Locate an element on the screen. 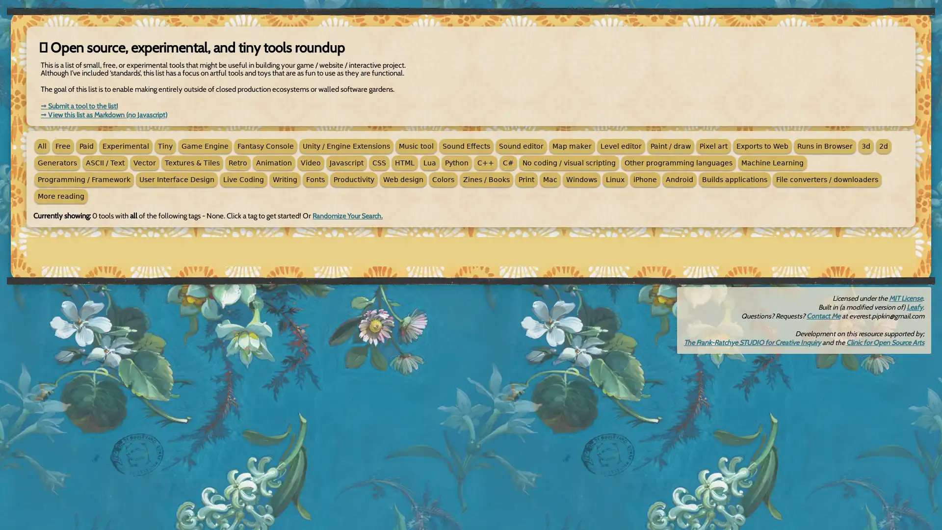 The width and height of the screenshot is (942, 530). Exports to Web is located at coordinates (762, 146).